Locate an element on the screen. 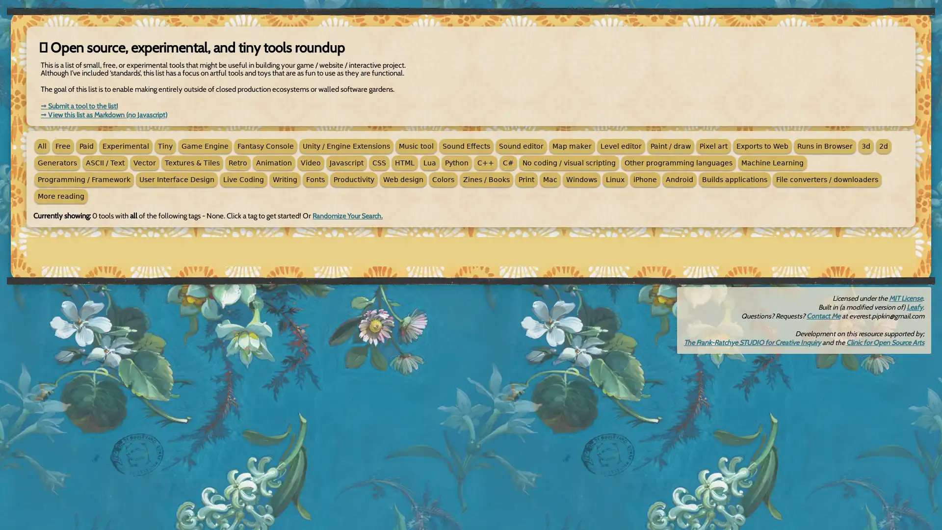 The width and height of the screenshot is (942, 530). Exports to Web is located at coordinates (762, 146).